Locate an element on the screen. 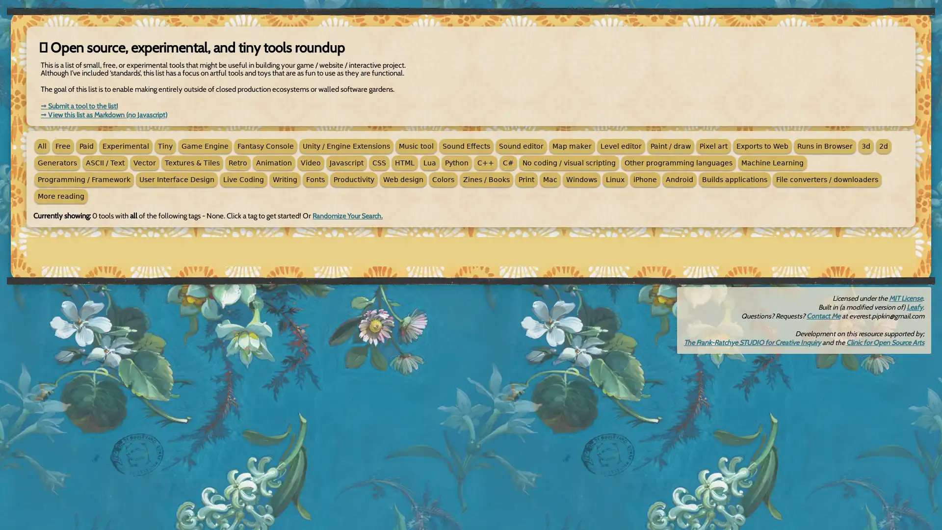 The width and height of the screenshot is (942, 530). Exports to Web is located at coordinates (762, 146).